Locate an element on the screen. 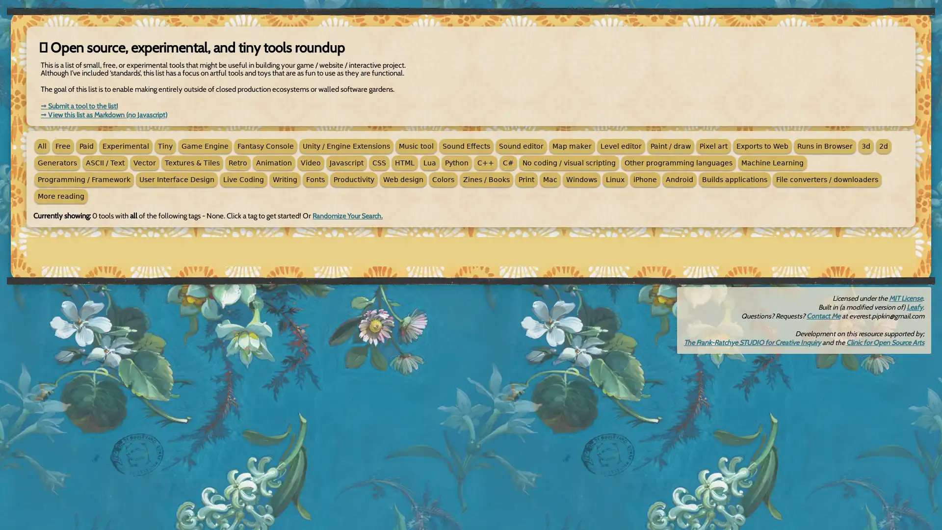 The width and height of the screenshot is (942, 530). Exports to Web is located at coordinates (762, 146).